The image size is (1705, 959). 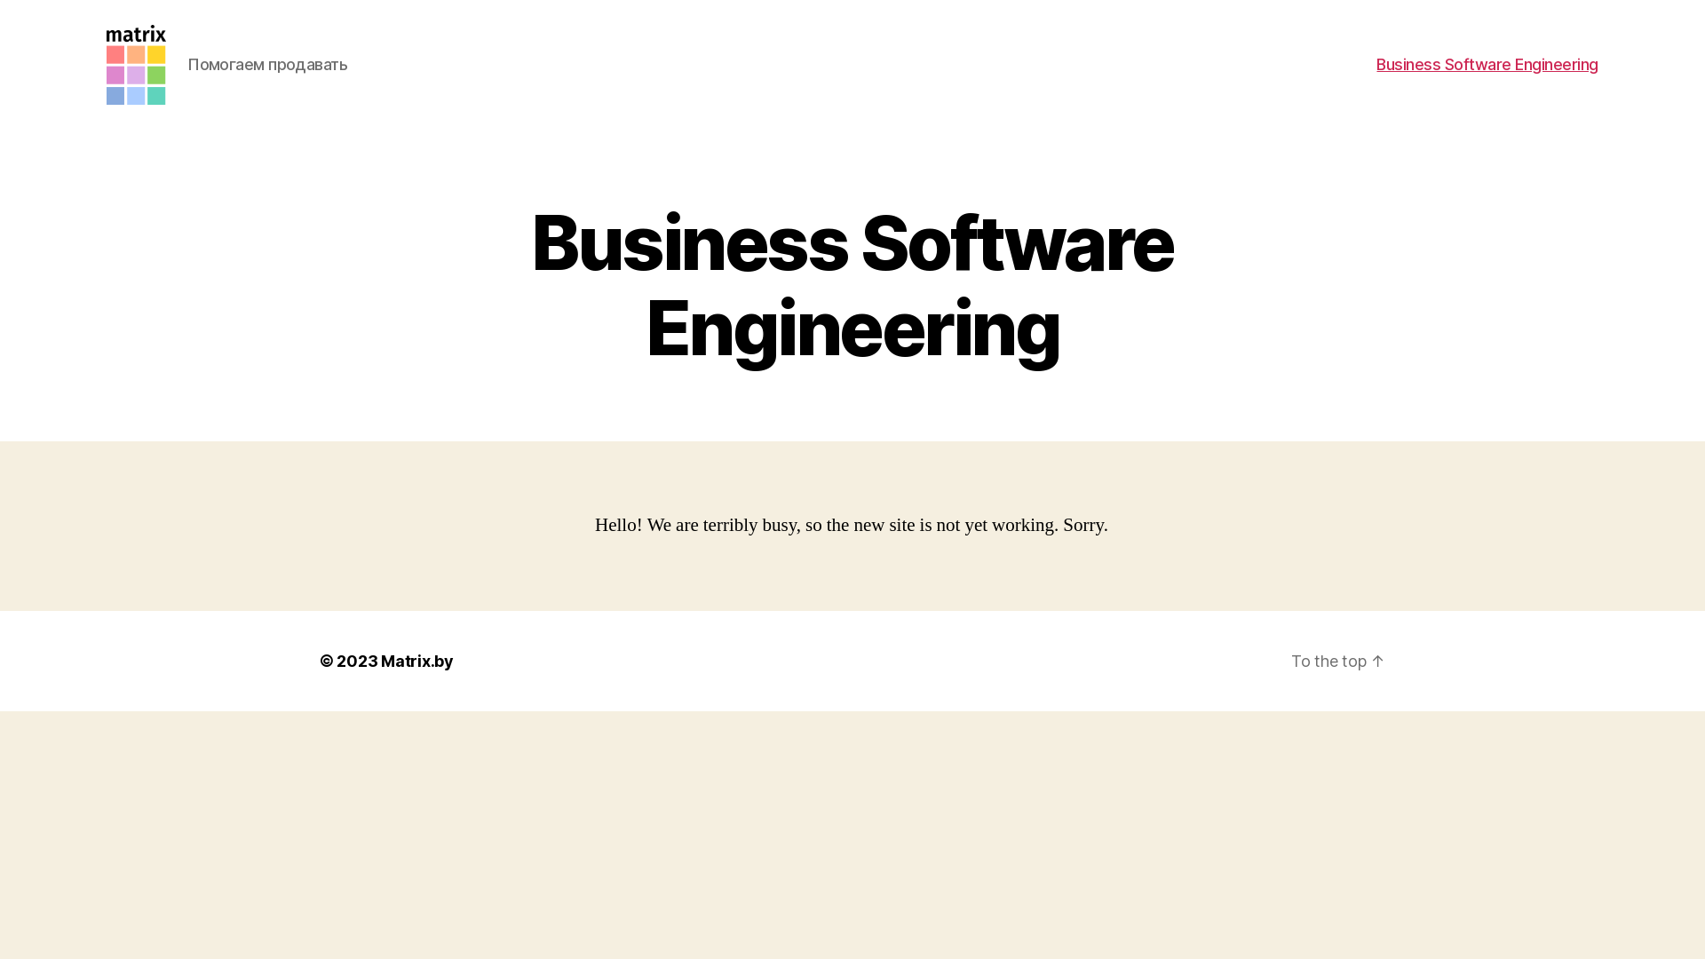 What do you see at coordinates (416, 661) in the screenshot?
I see `'Matrix.by'` at bounding box center [416, 661].